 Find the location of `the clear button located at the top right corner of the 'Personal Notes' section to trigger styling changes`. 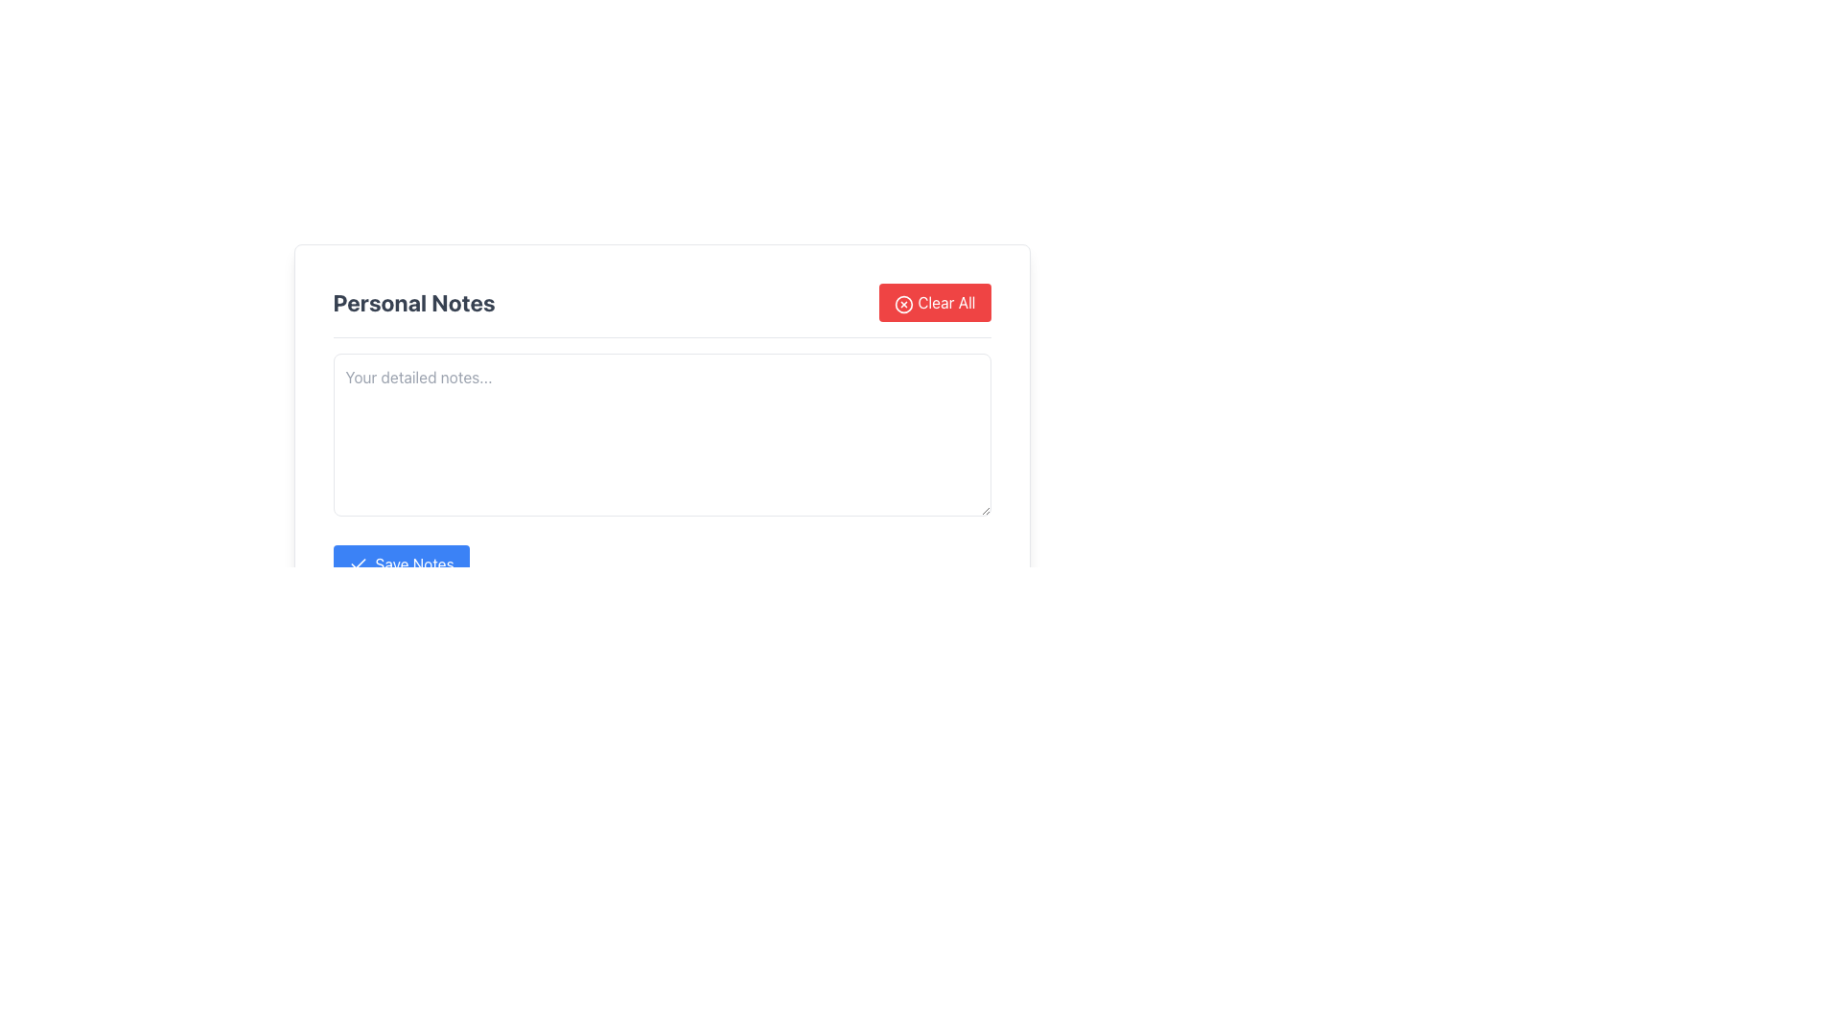

the clear button located at the top right corner of the 'Personal Notes' section to trigger styling changes is located at coordinates (935, 302).